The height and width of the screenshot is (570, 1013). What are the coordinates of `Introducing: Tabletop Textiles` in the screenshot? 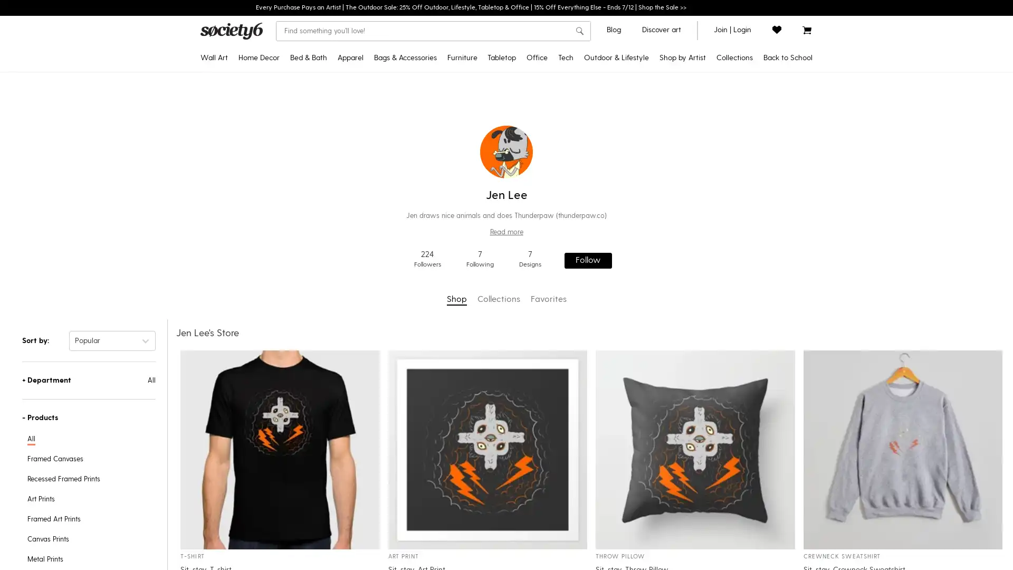 It's located at (695, 272).